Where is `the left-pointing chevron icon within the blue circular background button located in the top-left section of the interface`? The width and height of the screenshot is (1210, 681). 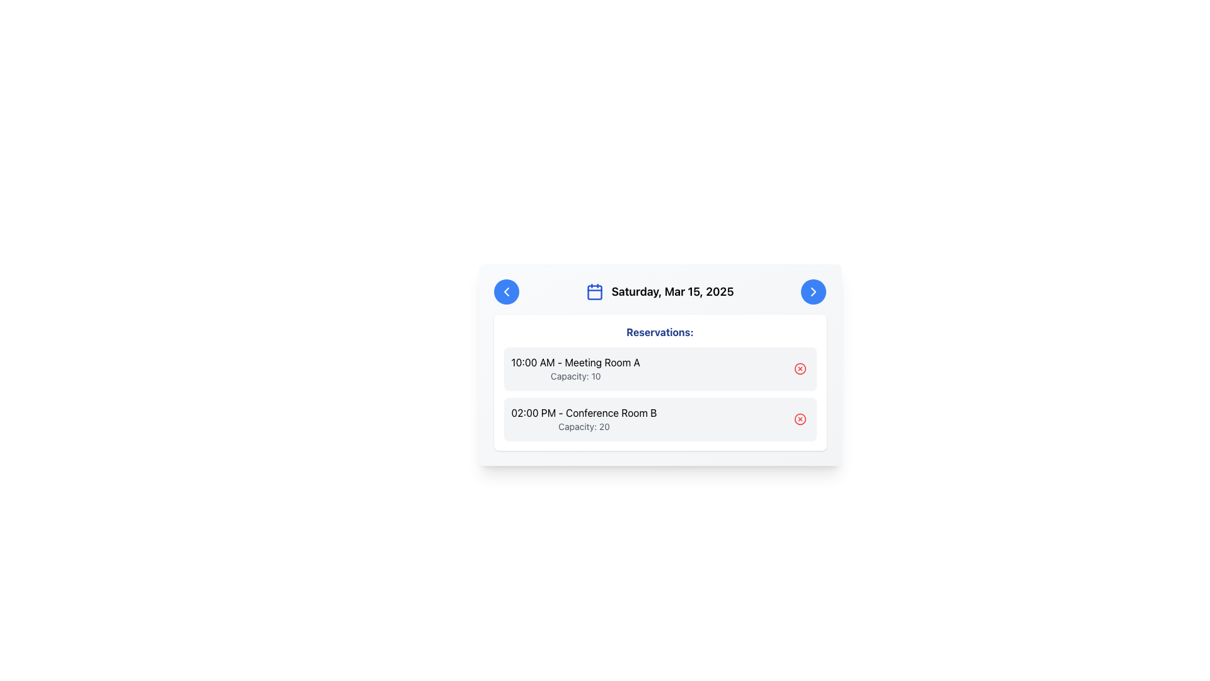
the left-pointing chevron icon within the blue circular background button located in the top-left section of the interface is located at coordinates (506, 291).